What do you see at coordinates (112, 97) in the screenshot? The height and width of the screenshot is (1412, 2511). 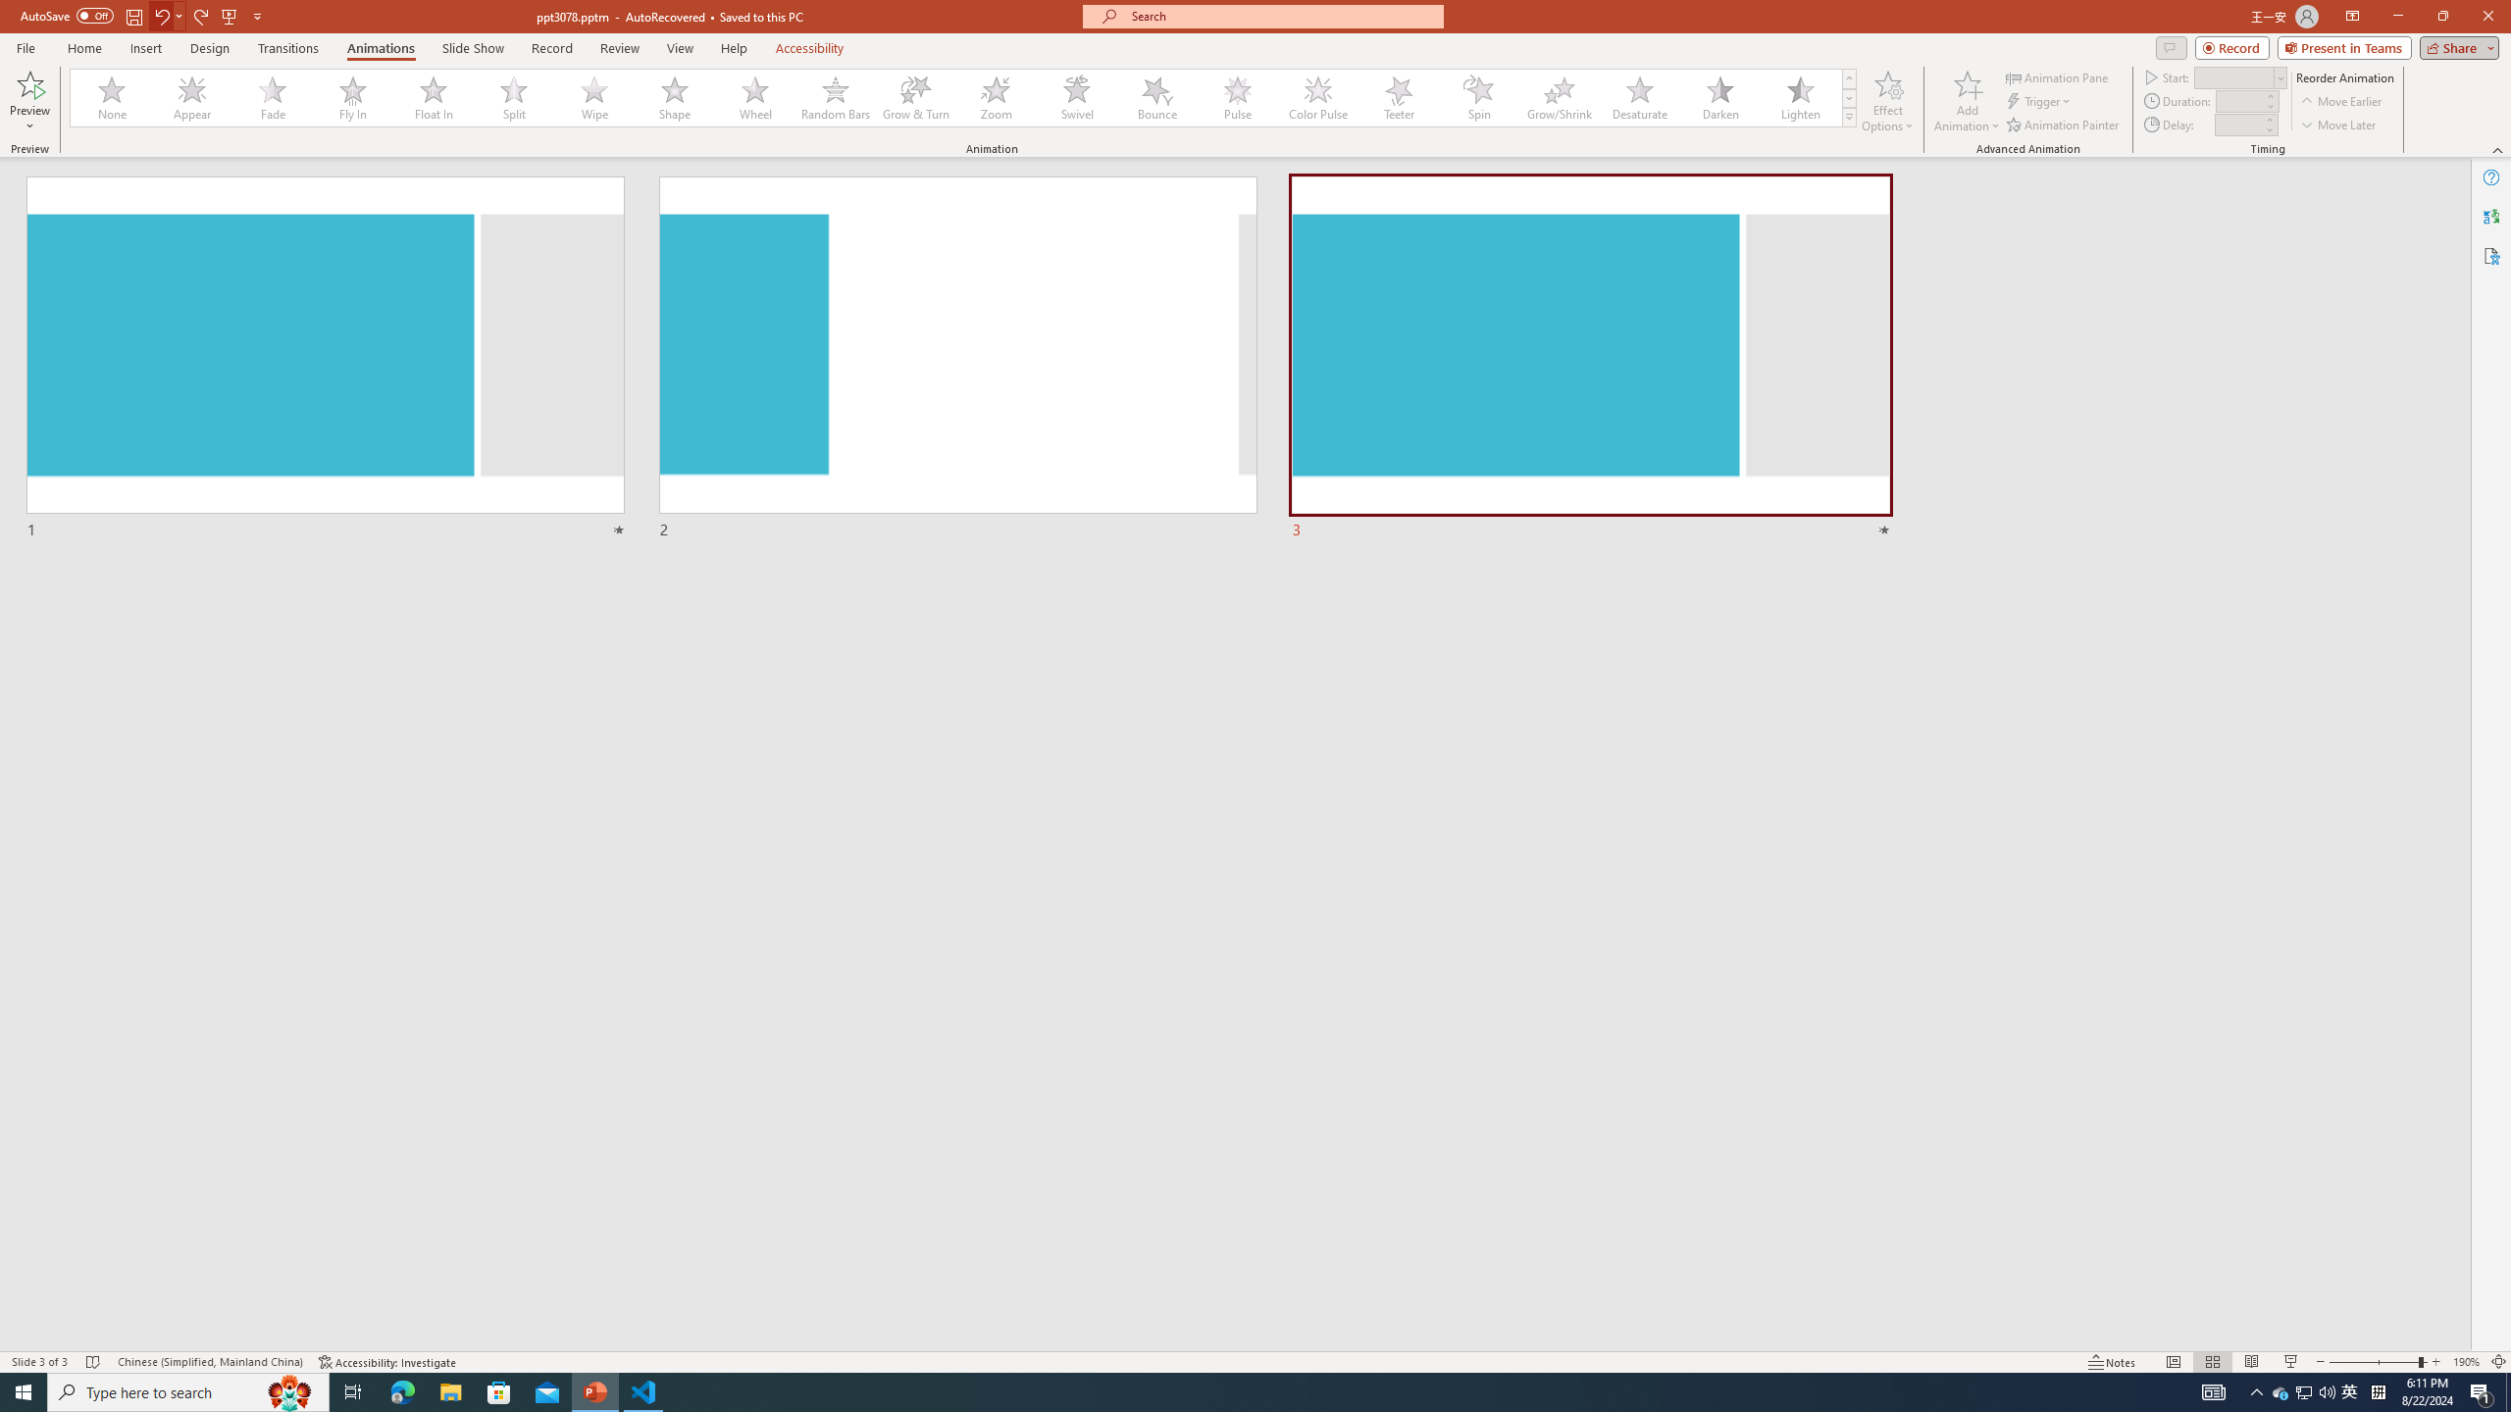 I see `'None'` at bounding box center [112, 97].